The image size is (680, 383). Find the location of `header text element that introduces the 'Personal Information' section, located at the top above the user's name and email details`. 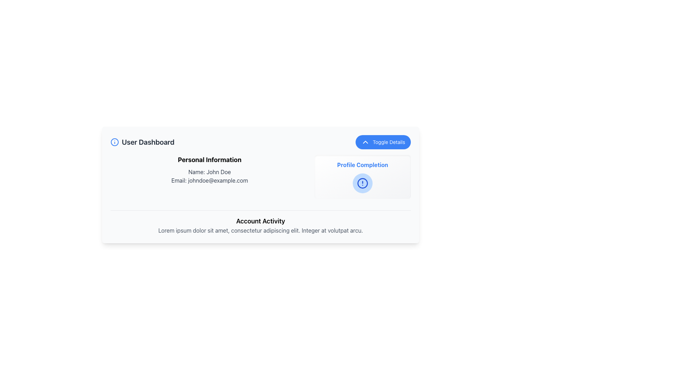

header text element that introduces the 'Personal Information' section, located at the top above the user's name and email details is located at coordinates (209, 160).